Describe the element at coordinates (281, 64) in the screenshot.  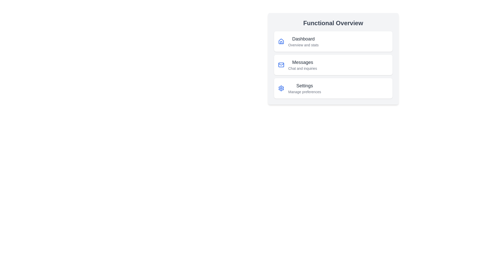
I see `the rectangular SVG element representing the outer envelope of the 'Messages' section in the menu` at that location.